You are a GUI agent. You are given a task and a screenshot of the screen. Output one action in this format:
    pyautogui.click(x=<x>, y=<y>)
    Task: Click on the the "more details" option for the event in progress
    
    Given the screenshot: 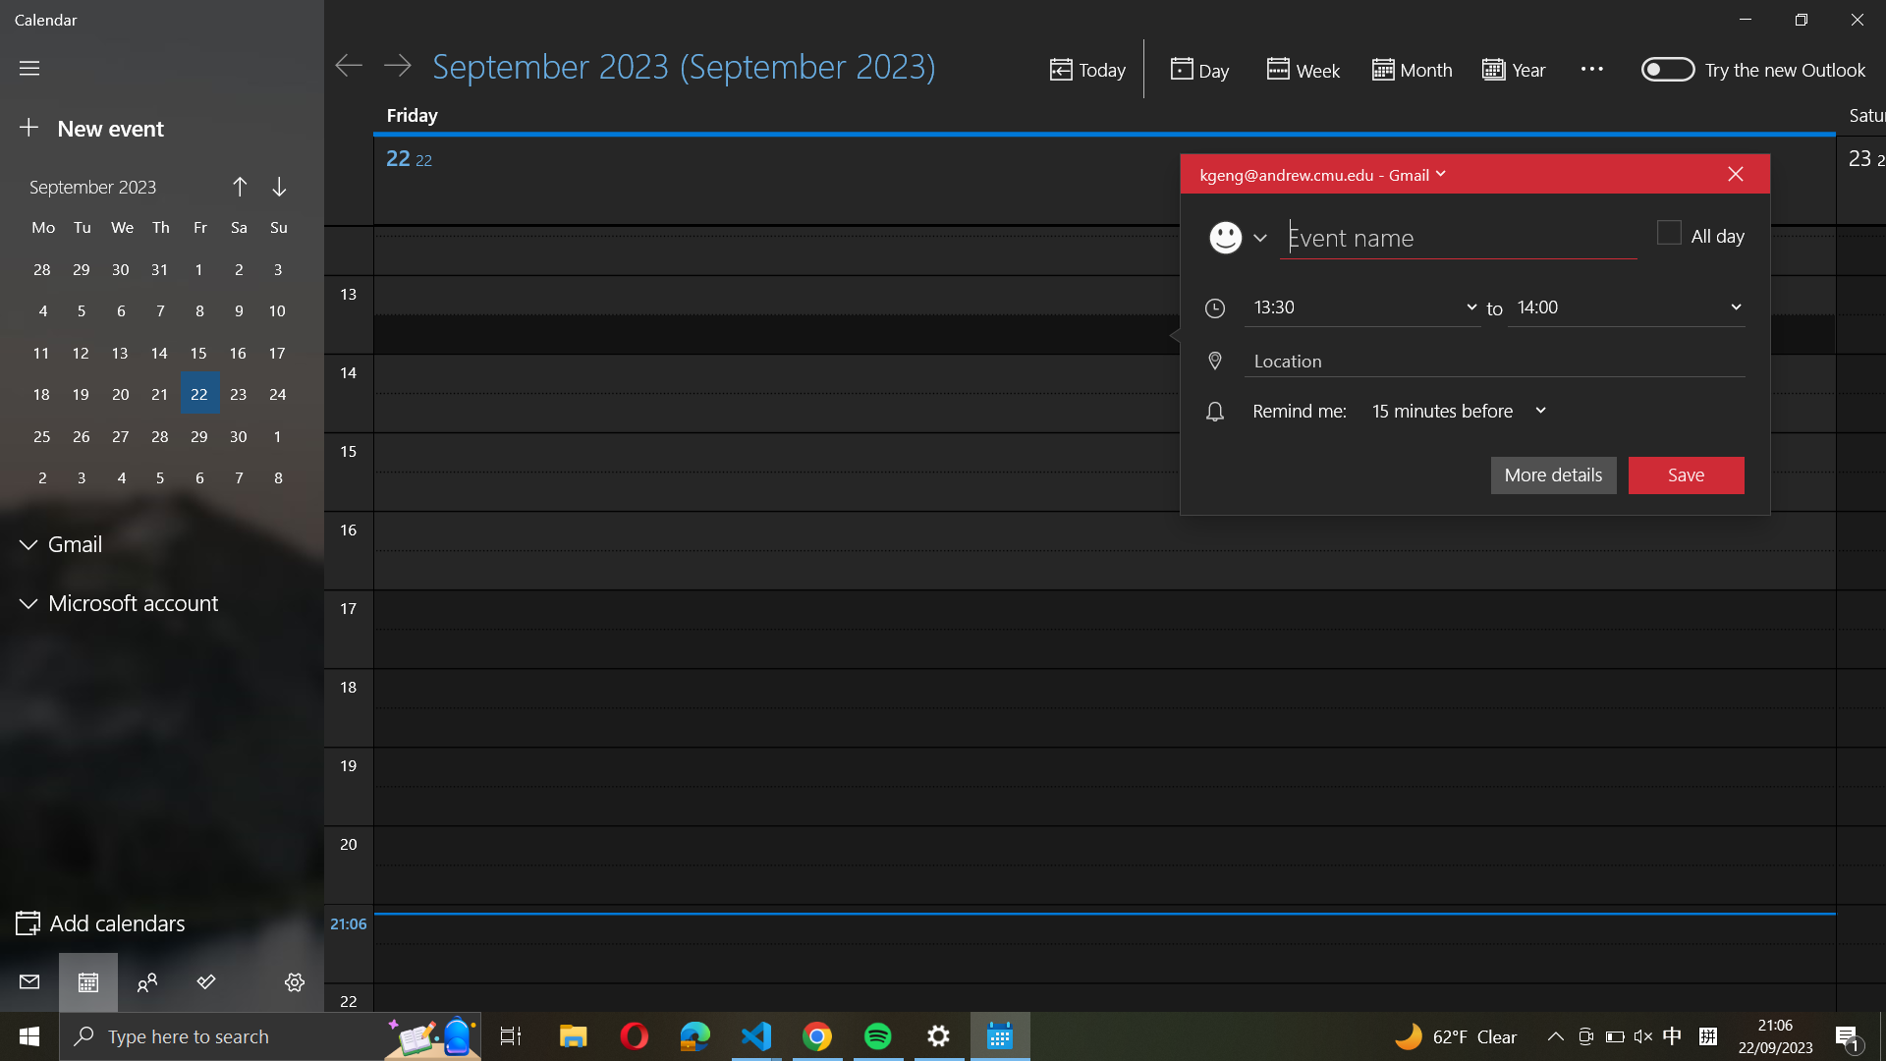 What is the action you would take?
    pyautogui.click(x=1552, y=473)
    